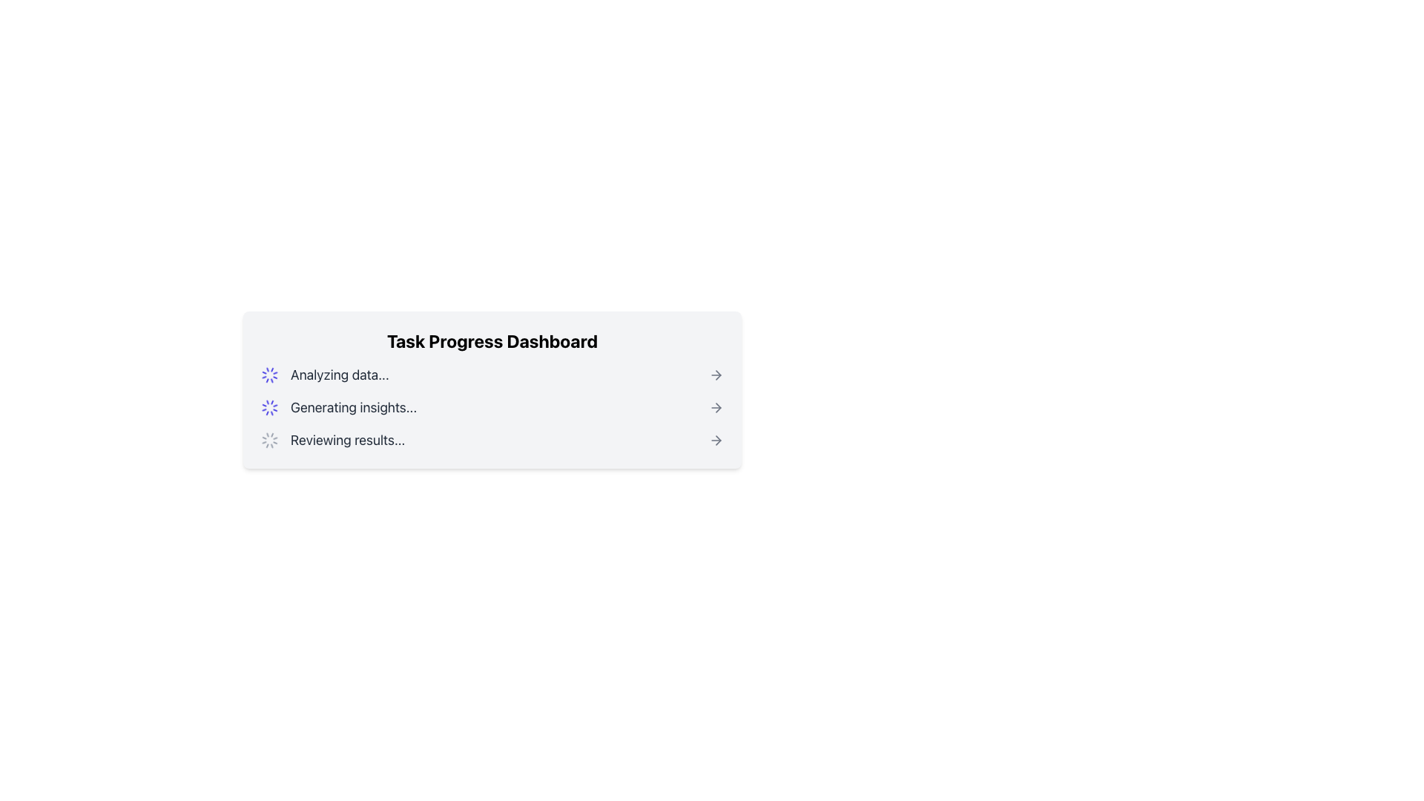 The width and height of the screenshot is (1424, 801). What do you see at coordinates (270, 374) in the screenshot?
I see `the Loading spinner indicating a loading state for 'Analyzing data...' within the Task Progress Dashboard` at bounding box center [270, 374].